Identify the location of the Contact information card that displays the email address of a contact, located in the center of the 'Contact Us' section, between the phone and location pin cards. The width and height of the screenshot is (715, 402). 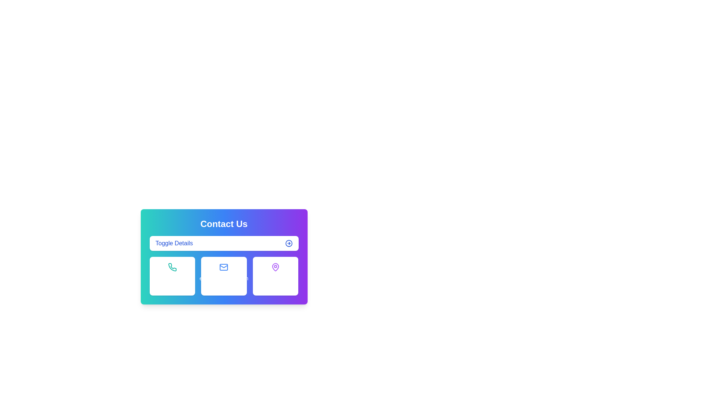
(223, 276).